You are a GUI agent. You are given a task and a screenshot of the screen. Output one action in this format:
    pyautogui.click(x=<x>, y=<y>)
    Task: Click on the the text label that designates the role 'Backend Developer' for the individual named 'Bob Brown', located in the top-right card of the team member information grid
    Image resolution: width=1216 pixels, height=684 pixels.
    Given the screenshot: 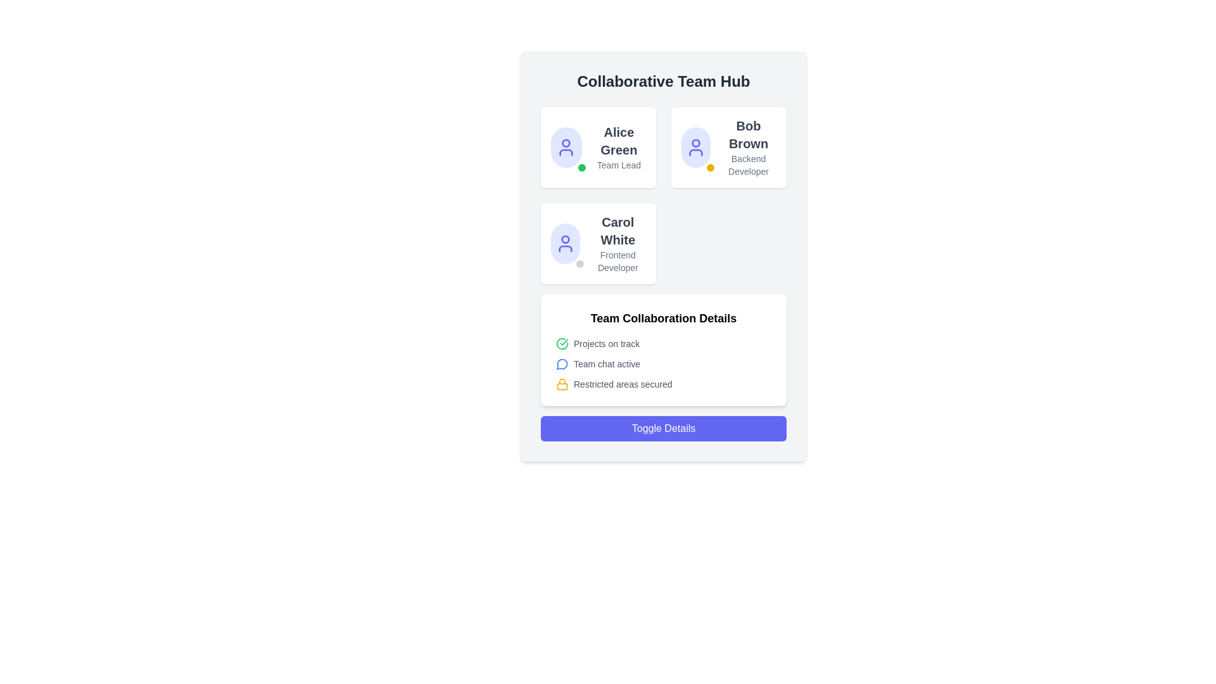 What is the action you would take?
    pyautogui.click(x=748, y=165)
    